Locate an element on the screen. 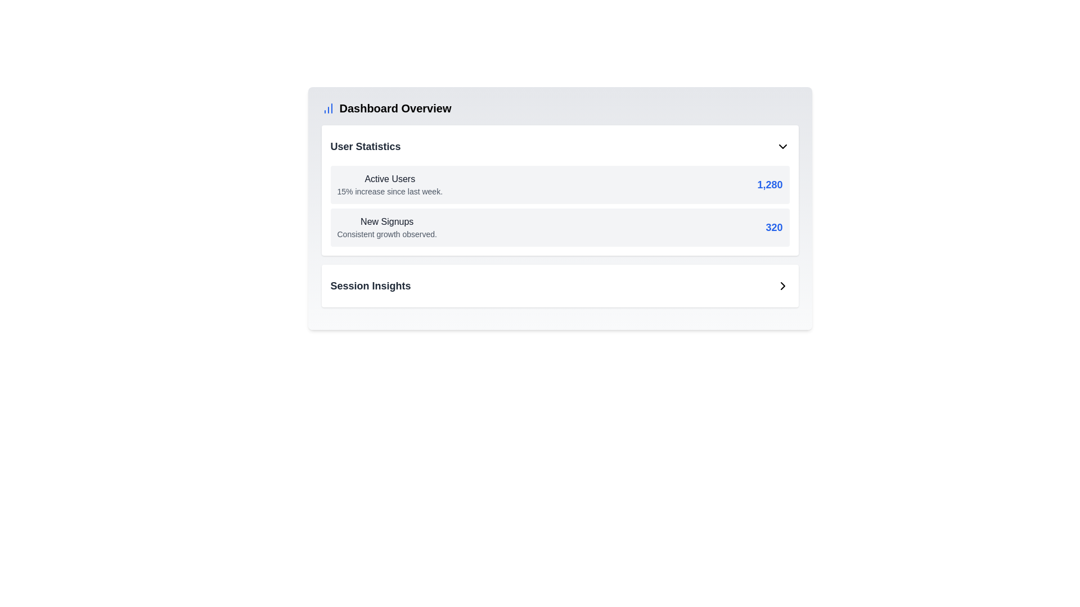 This screenshot has width=1080, height=607. the chevron icon is located at coordinates (782, 146).